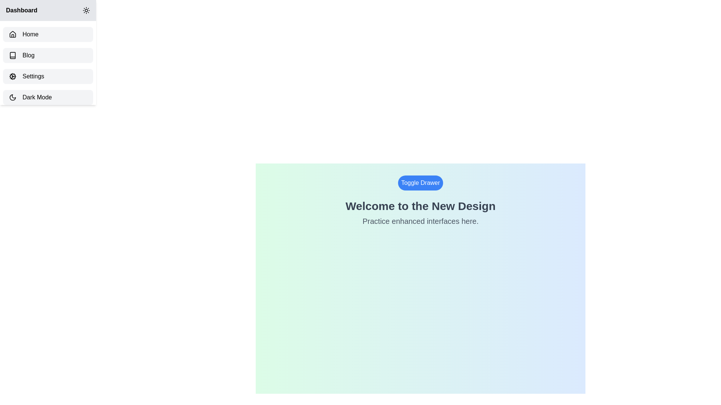  I want to click on the sidebar item labeled Settings, so click(48, 76).